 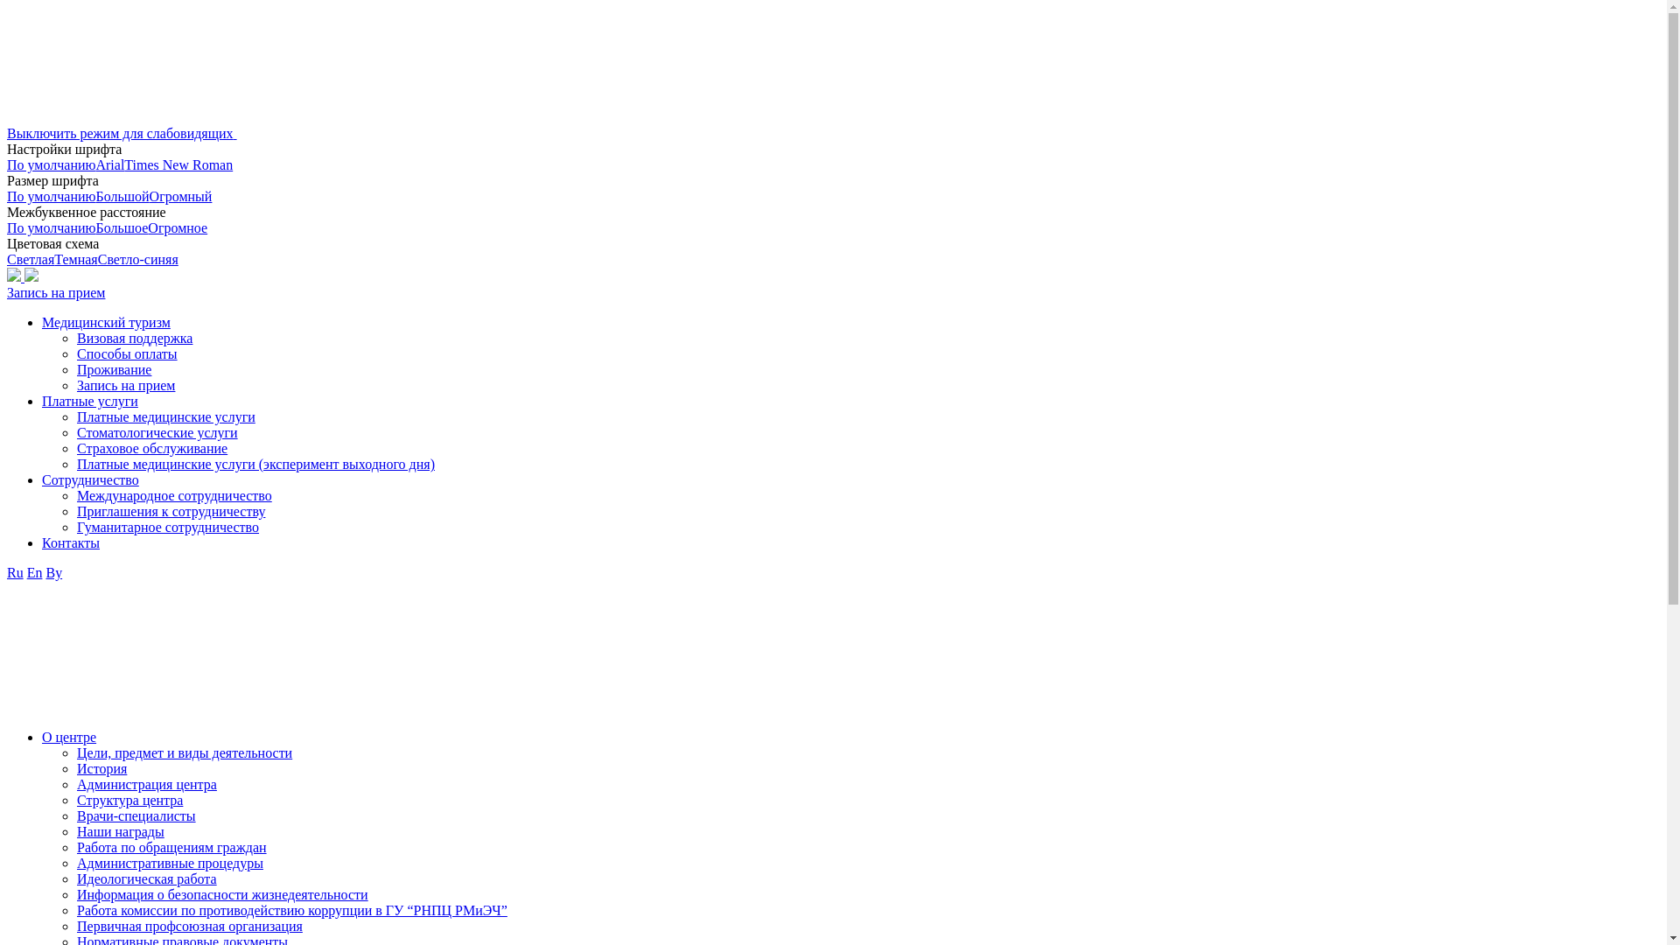 What do you see at coordinates (178, 164) in the screenshot?
I see `'Times New Roman'` at bounding box center [178, 164].